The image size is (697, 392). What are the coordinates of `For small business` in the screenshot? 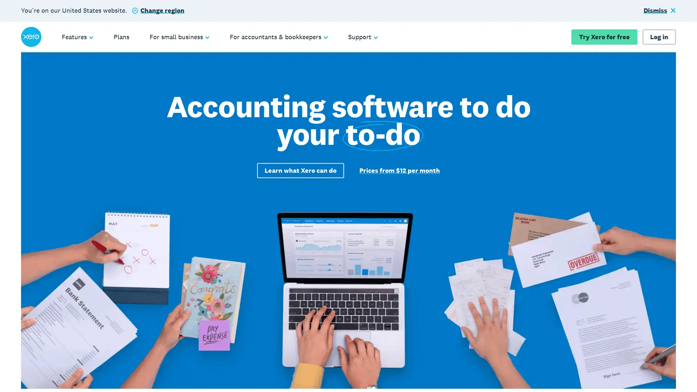 It's located at (179, 37).